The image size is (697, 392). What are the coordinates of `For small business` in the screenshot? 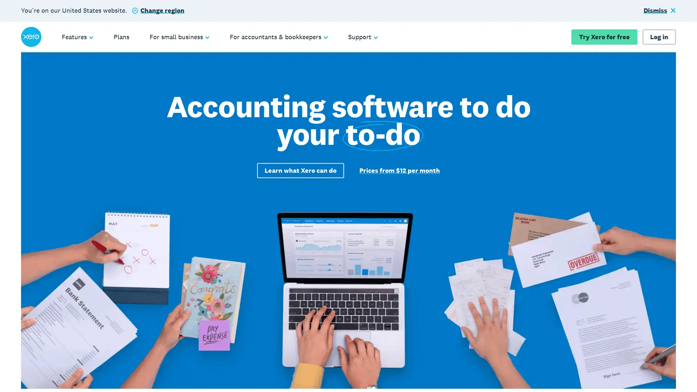 It's located at (179, 37).